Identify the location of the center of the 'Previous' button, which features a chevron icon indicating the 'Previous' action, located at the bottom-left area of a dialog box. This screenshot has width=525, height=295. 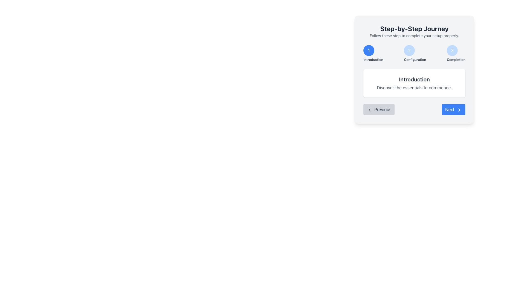
(369, 110).